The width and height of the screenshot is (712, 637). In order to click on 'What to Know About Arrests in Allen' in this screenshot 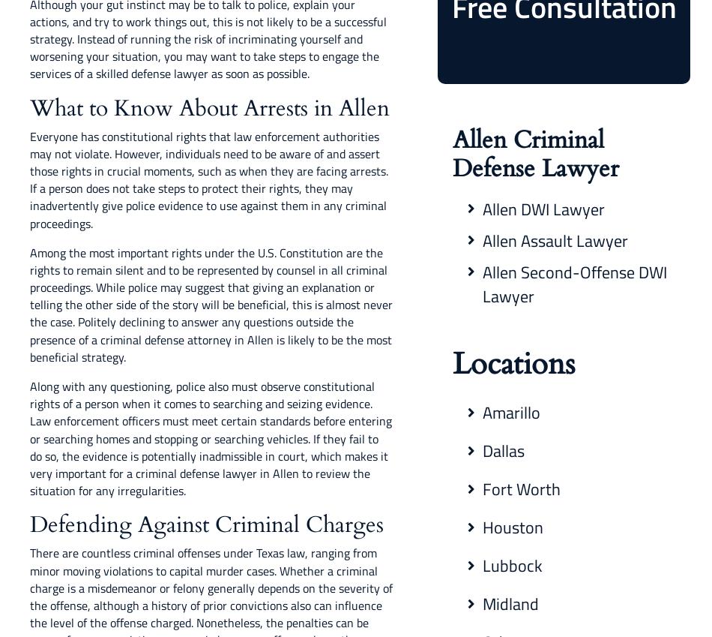, I will do `click(208, 107)`.